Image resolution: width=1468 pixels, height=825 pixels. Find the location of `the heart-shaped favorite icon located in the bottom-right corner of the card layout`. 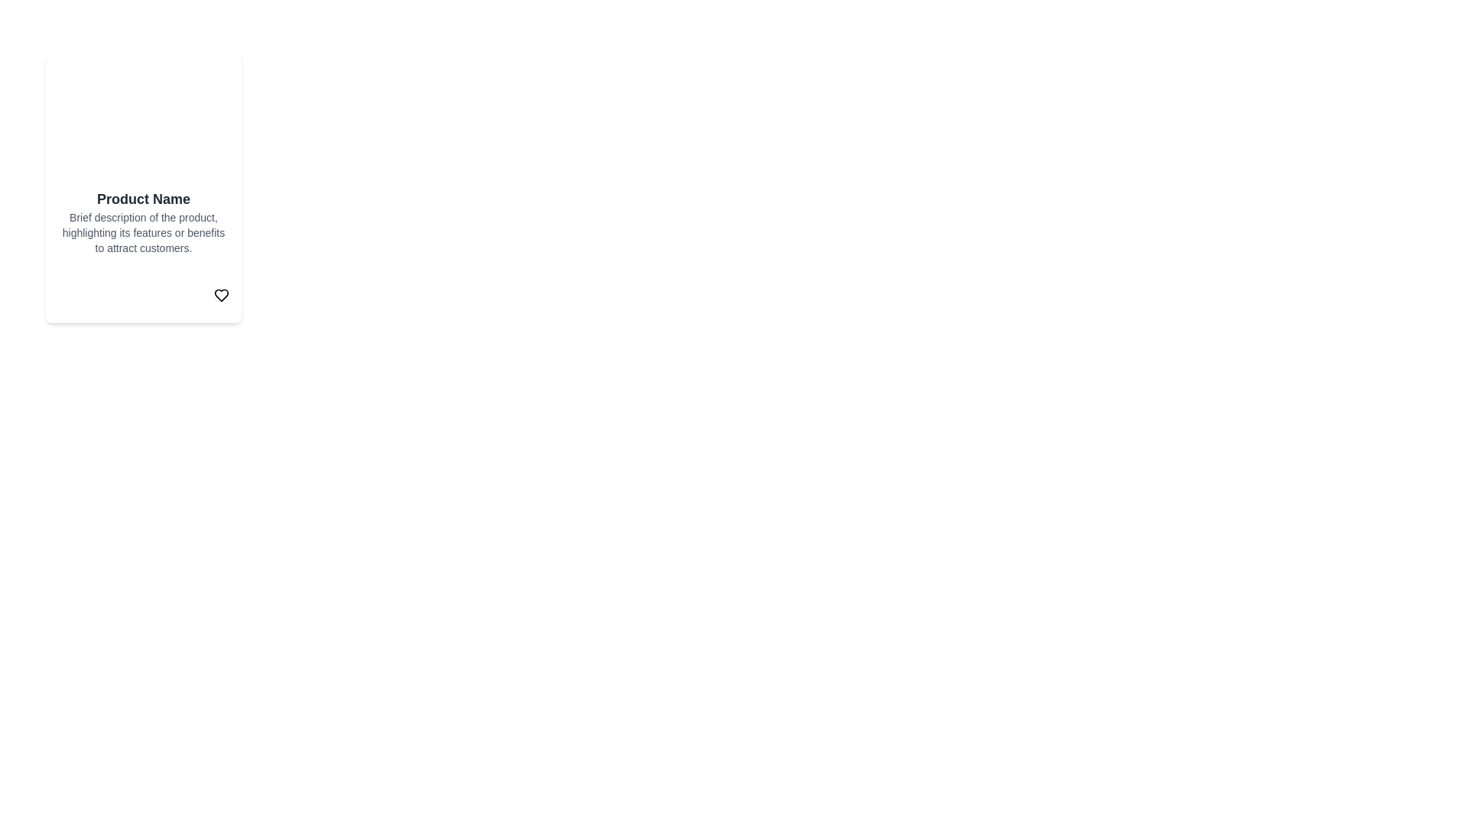

the heart-shaped favorite icon located in the bottom-right corner of the card layout is located at coordinates (220, 295).